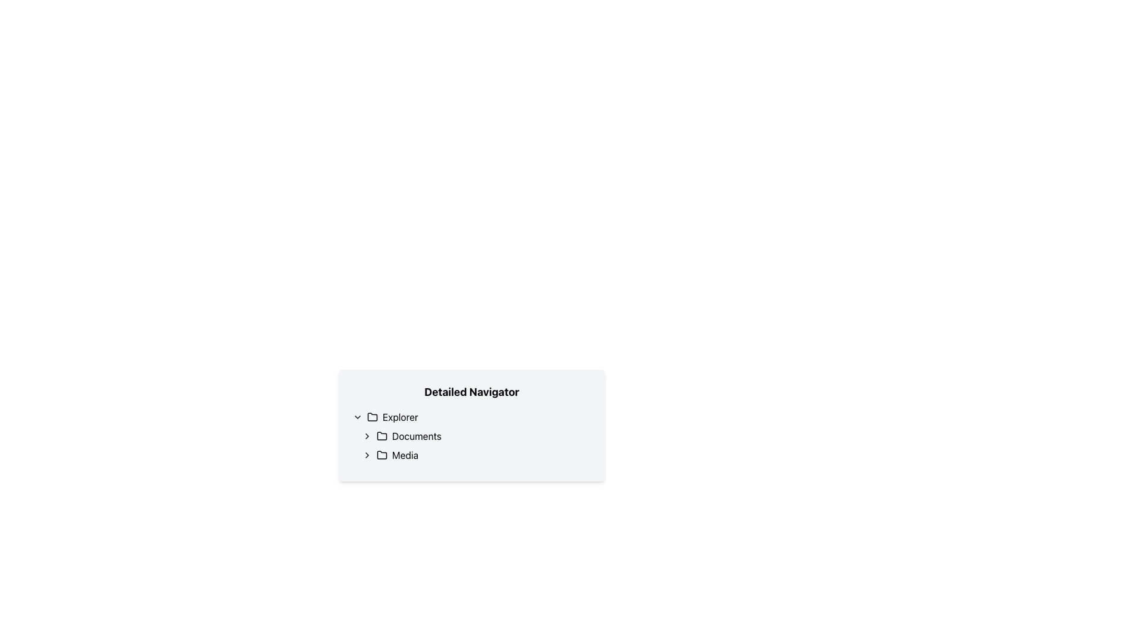  Describe the element at coordinates (471, 445) in the screenshot. I see `the Navigation list item containing 'Documents' and 'Media'` at that location.